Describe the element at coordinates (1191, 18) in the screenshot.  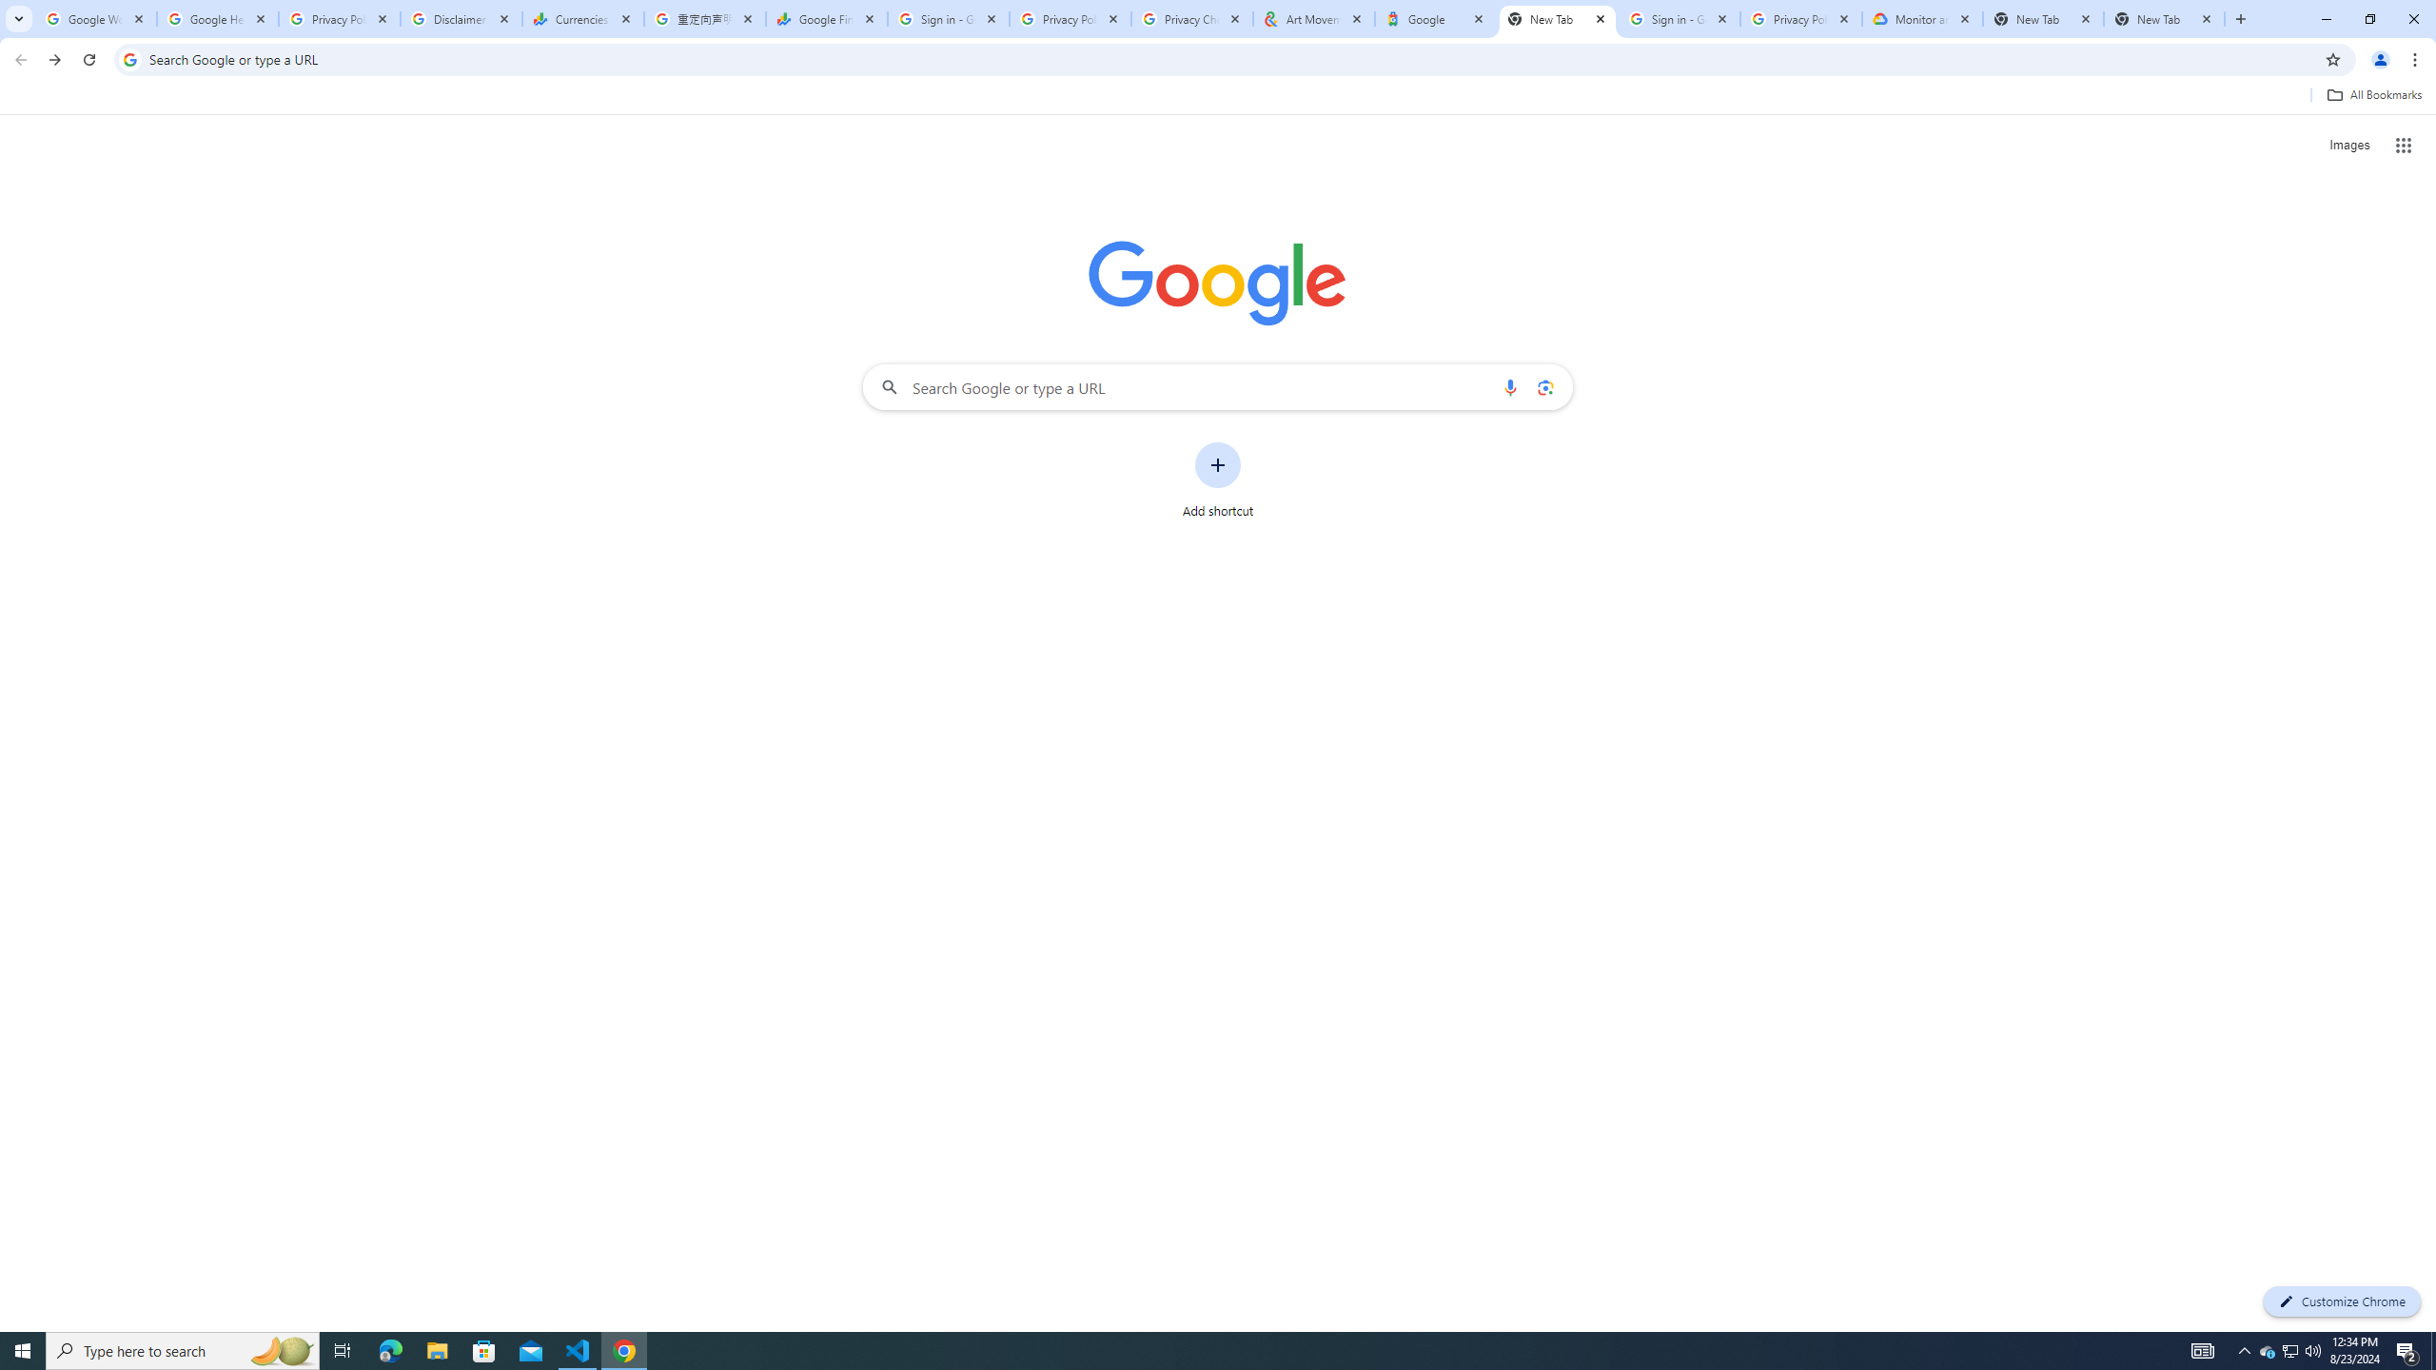
I see `'Privacy Checkup'` at that location.